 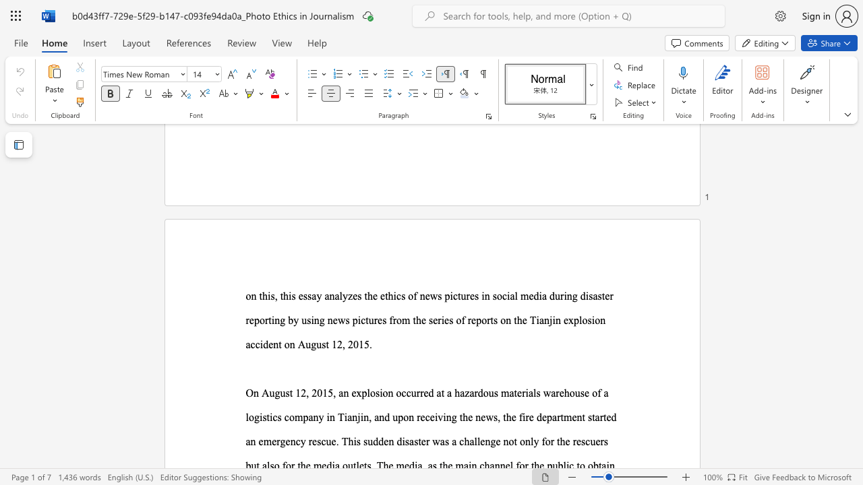 What do you see at coordinates (254, 393) in the screenshot?
I see `the subset text "n August 12" within the text "On August 12, 2015, an explosion occurred at a hazardous materials warehouse of"` at bounding box center [254, 393].